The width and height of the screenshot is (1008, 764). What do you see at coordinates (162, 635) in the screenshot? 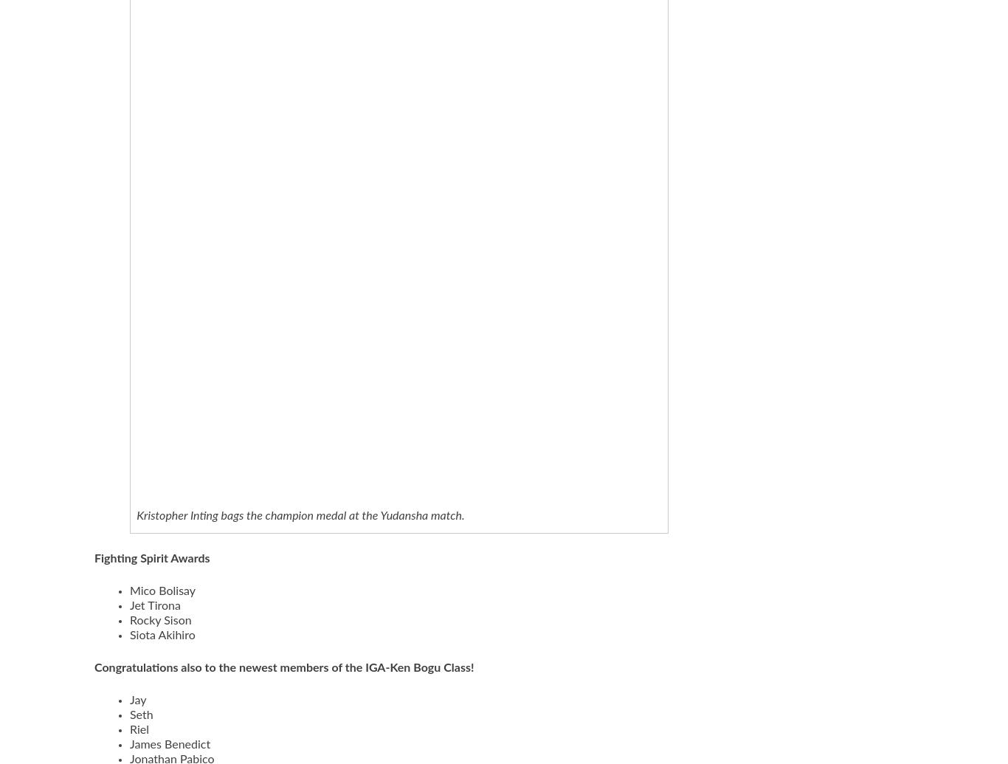
I see `'Siota Akihiro'` at bounding box center [162, 635].